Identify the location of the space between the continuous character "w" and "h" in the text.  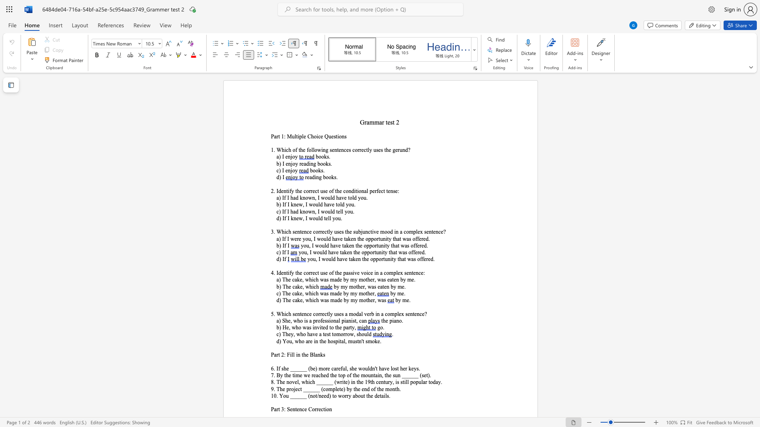
(296, 321).